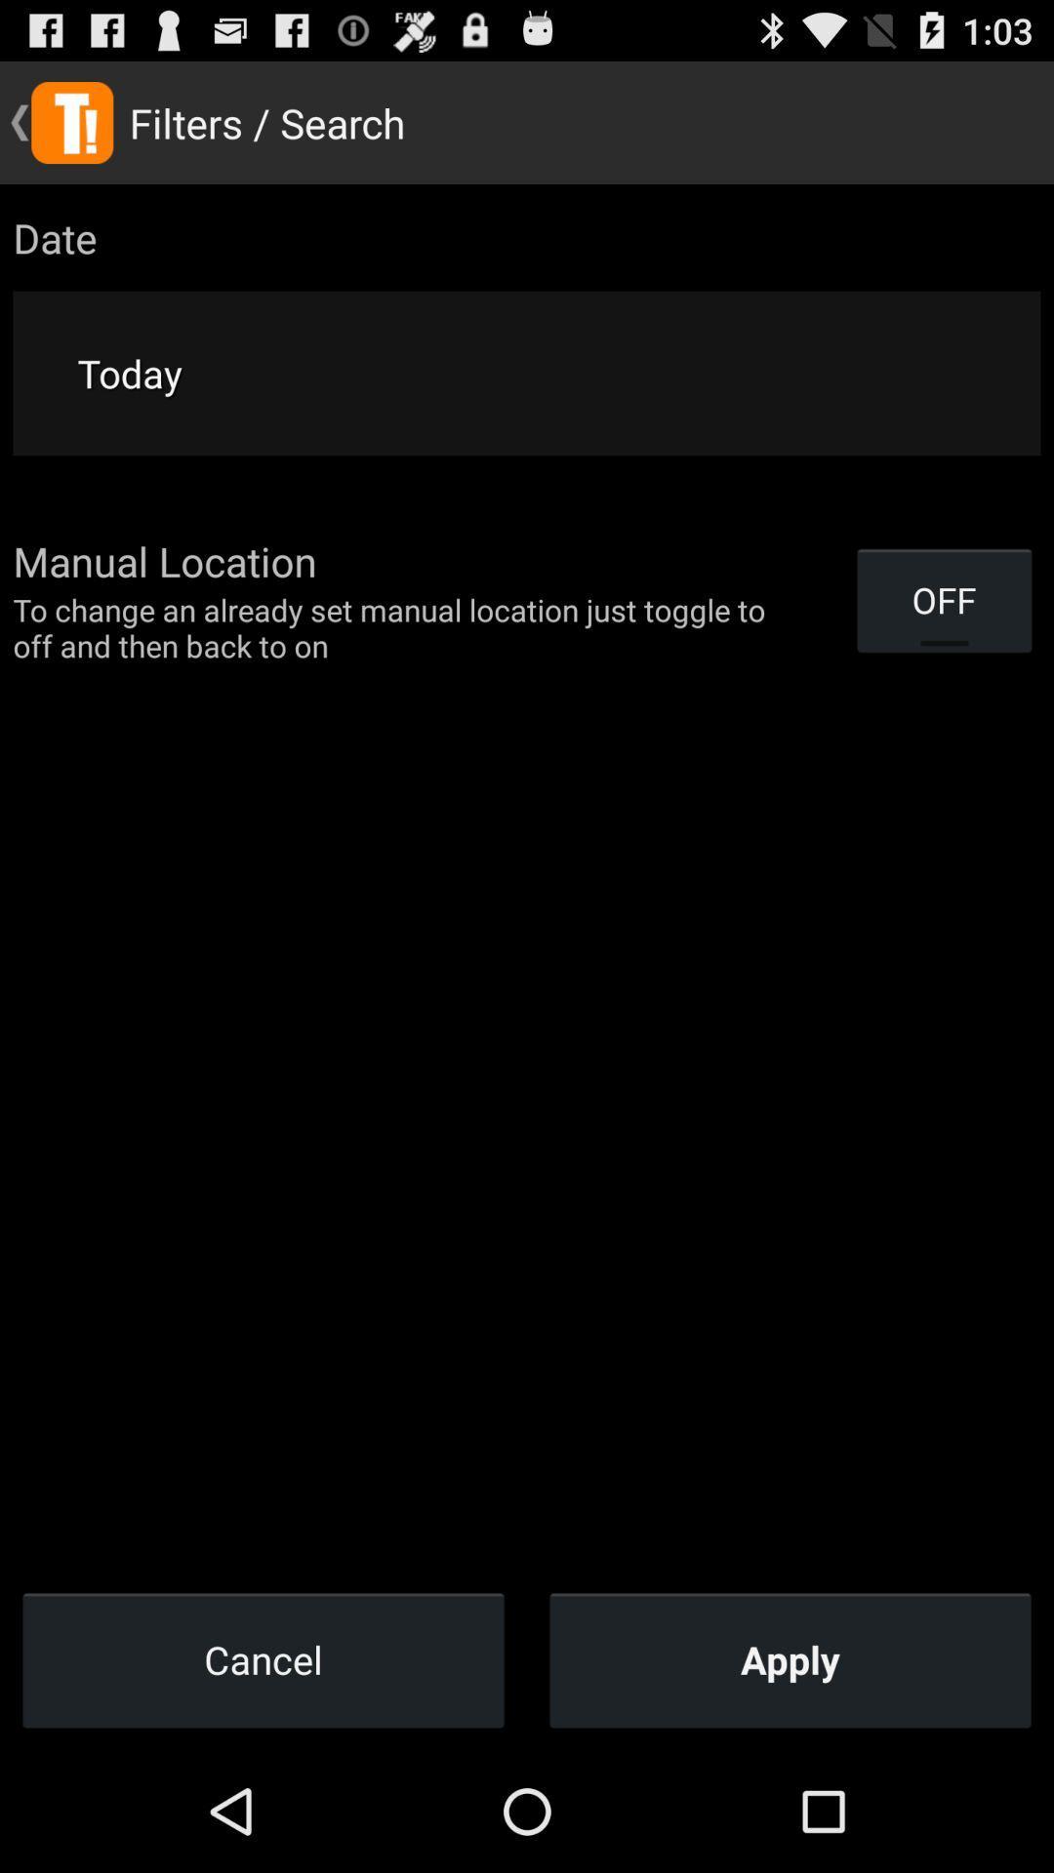 This screenshot has width=1054, height=1873. Describe the element at coordinates (263, 1658) in the screenshot. I see `icon below to change an icon` at that location.